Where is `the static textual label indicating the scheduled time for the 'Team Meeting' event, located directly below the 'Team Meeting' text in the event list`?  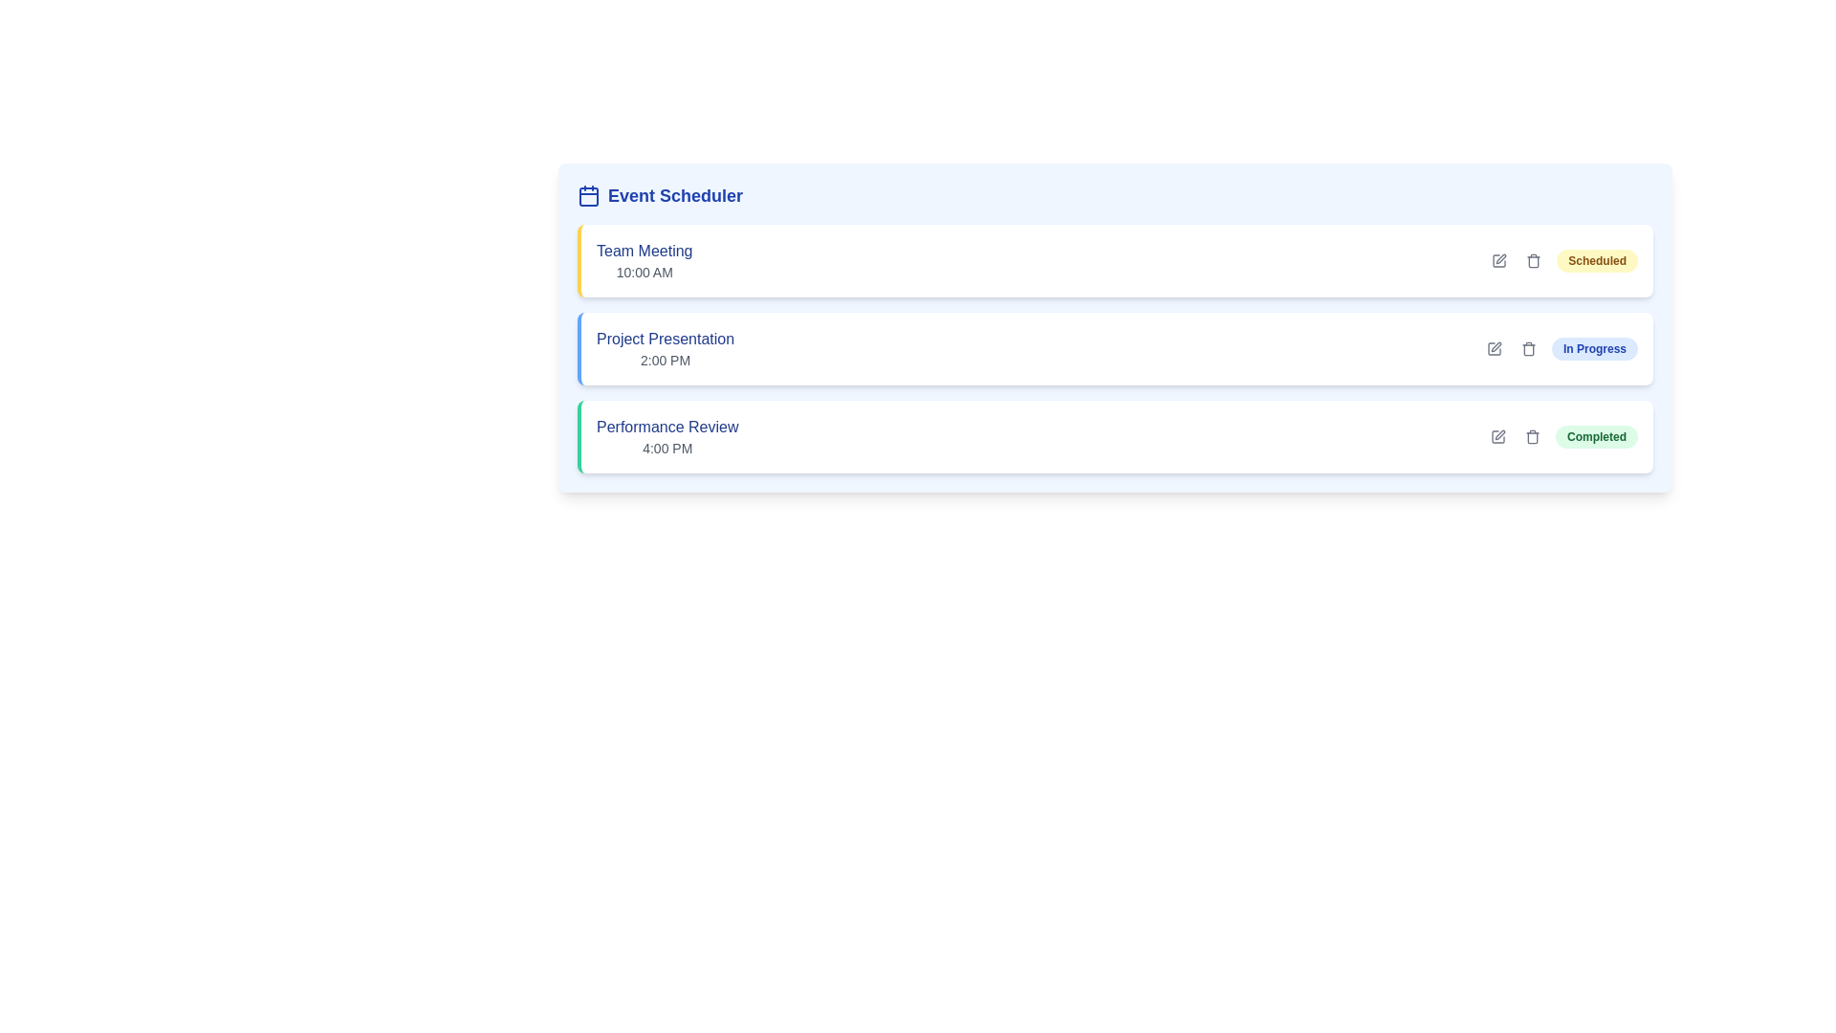
the static textual label indicating the scheduled time for the 'Team Meeting' event, located directly below the 'Team Meeting' text in the event list is located at coordinates (645, 273).